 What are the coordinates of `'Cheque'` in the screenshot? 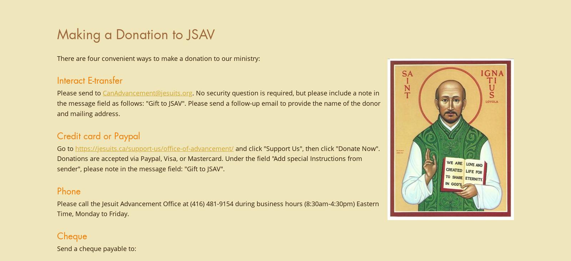 It's located at (57, 236).